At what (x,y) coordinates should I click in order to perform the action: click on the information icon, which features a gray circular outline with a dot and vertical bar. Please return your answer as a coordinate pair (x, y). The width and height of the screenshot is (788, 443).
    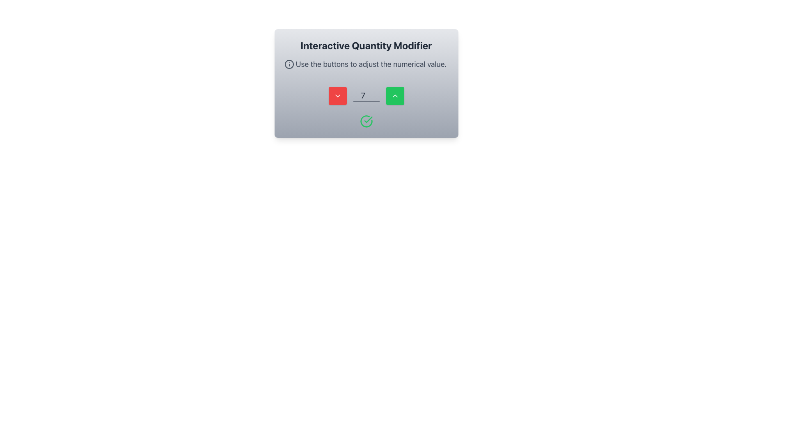
    Looking at the image, I should click on (289, 64).